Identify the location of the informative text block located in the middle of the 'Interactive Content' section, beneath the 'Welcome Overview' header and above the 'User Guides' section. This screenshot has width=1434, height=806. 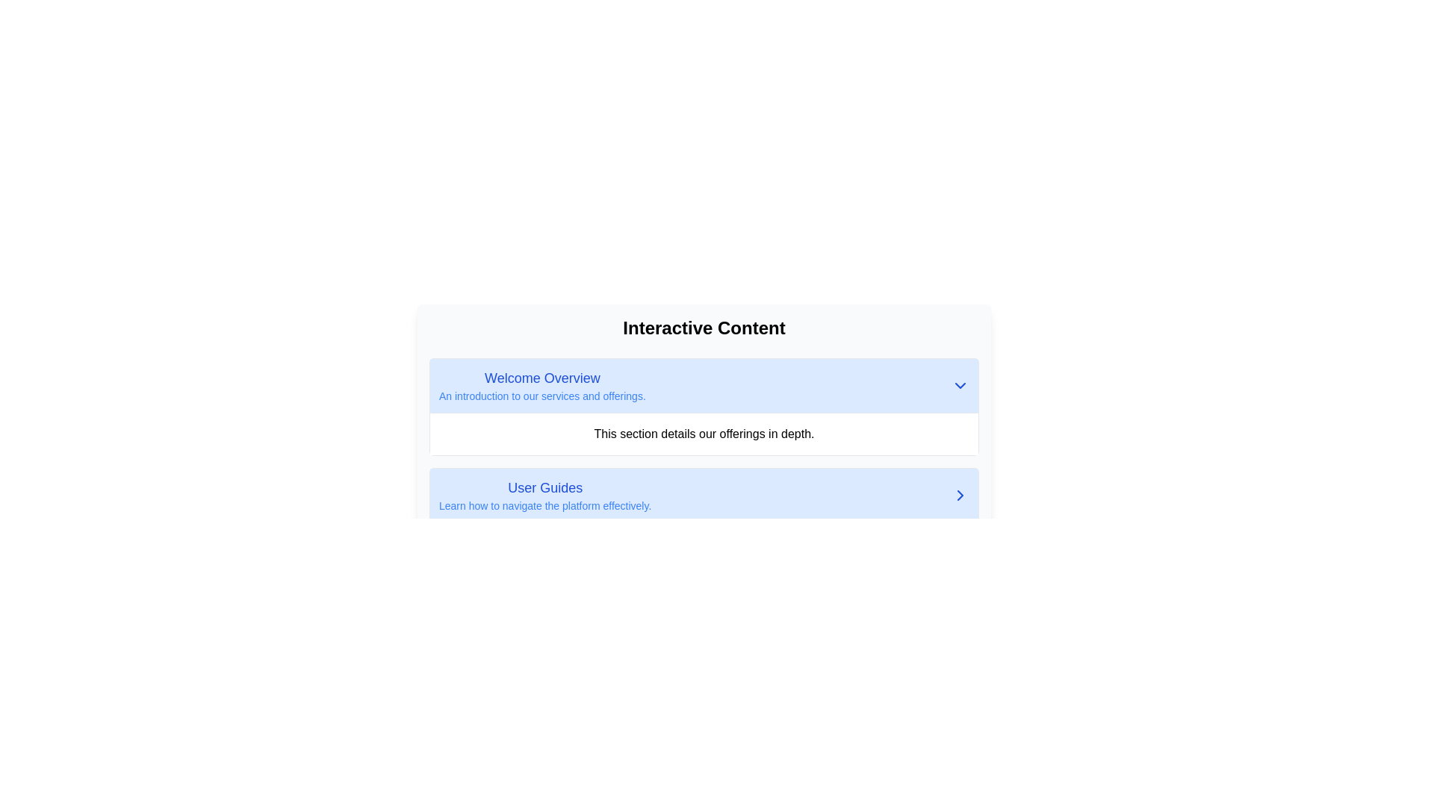
(703, 434).